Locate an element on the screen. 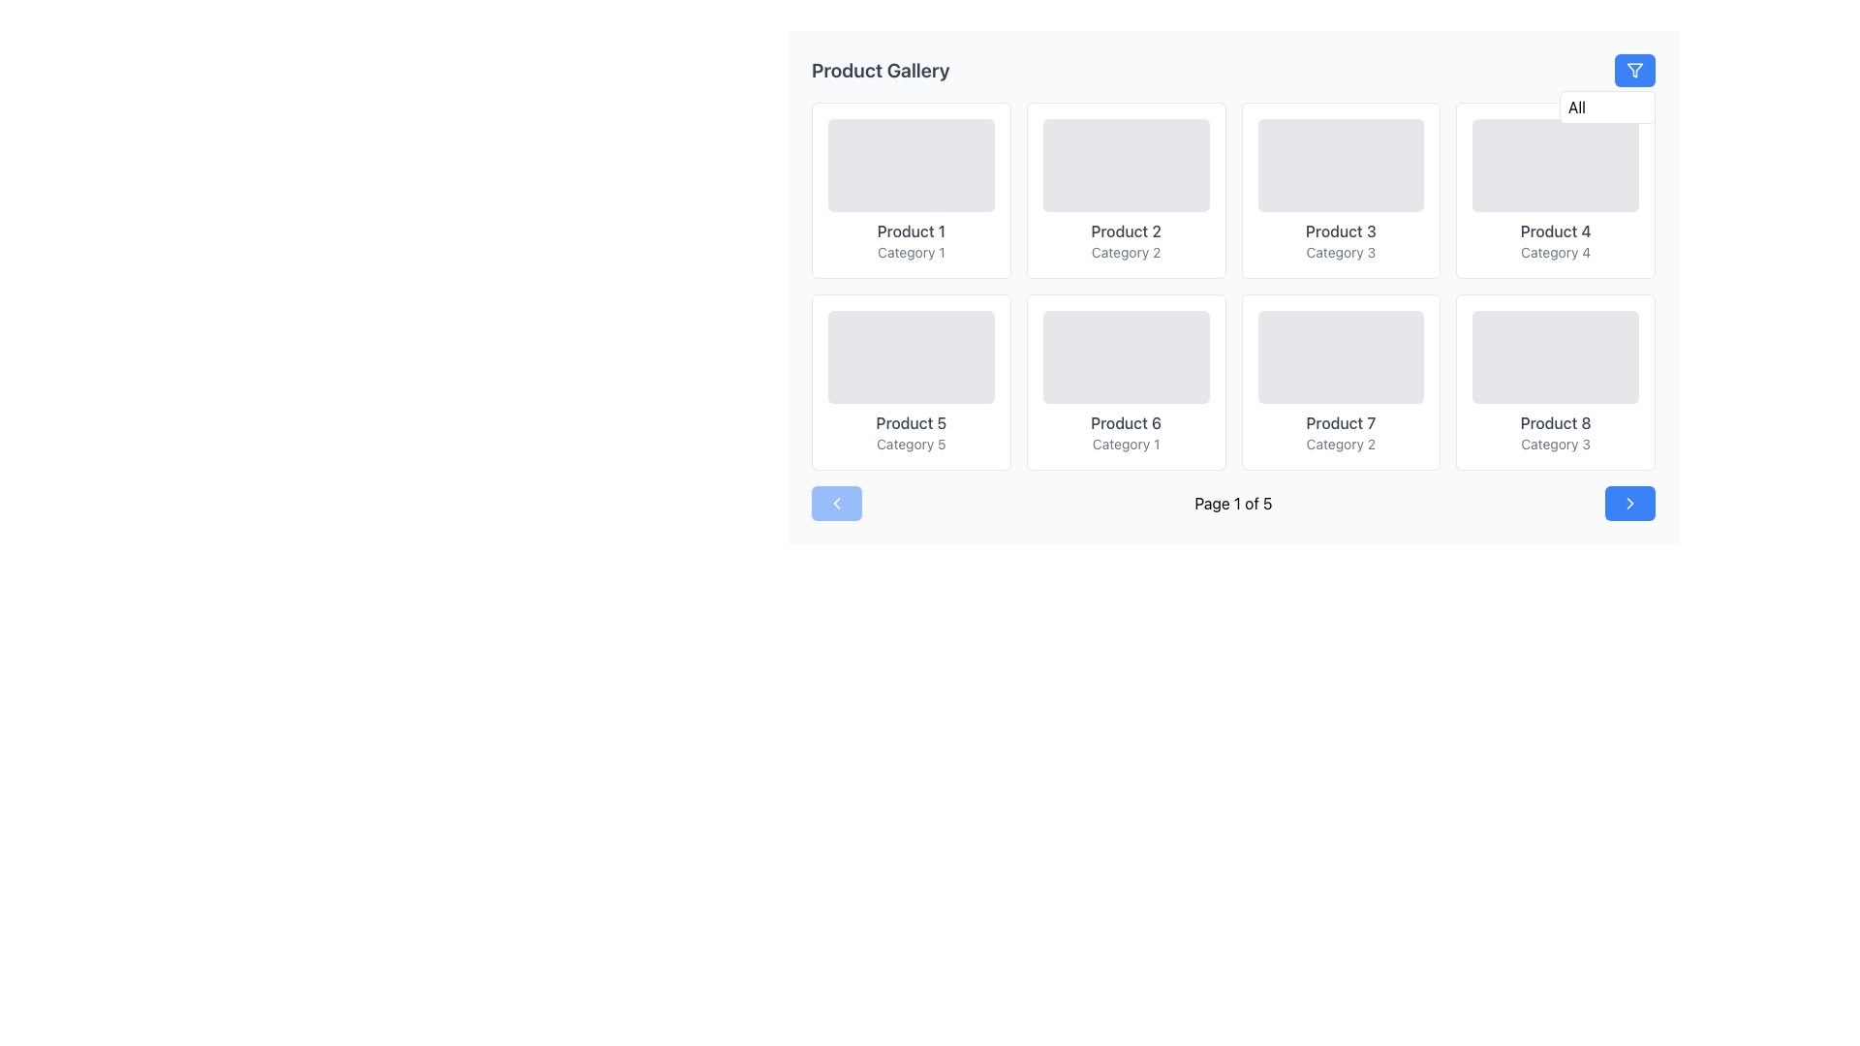  the text label displaying 'Product 1' which is positioned on the first product card in the grid layout, below the image placeholder and above the 'Category 1' label is located at coordinates (910, 231).